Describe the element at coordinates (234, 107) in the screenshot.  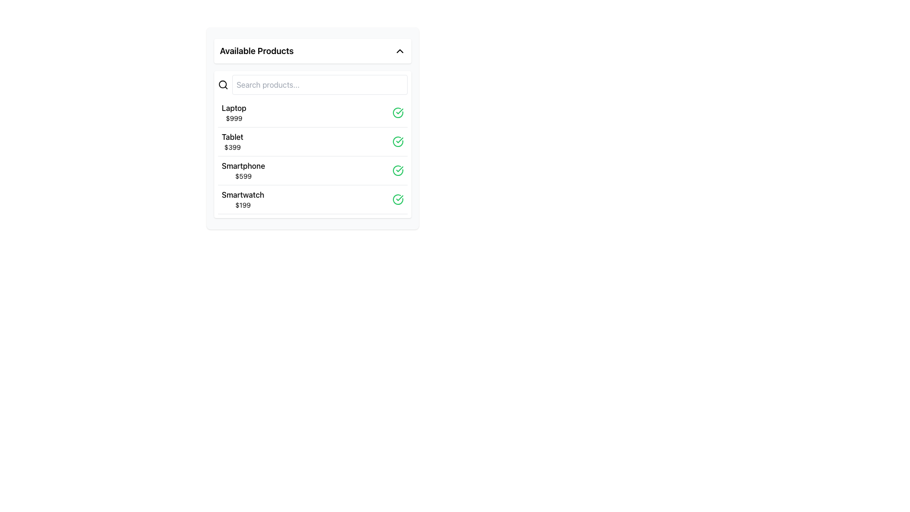
I see `the text label displaying the product name 'Laptop', which is the first item in a vertically arranged list of products, positioned directly above its related price '$999'` at that location.